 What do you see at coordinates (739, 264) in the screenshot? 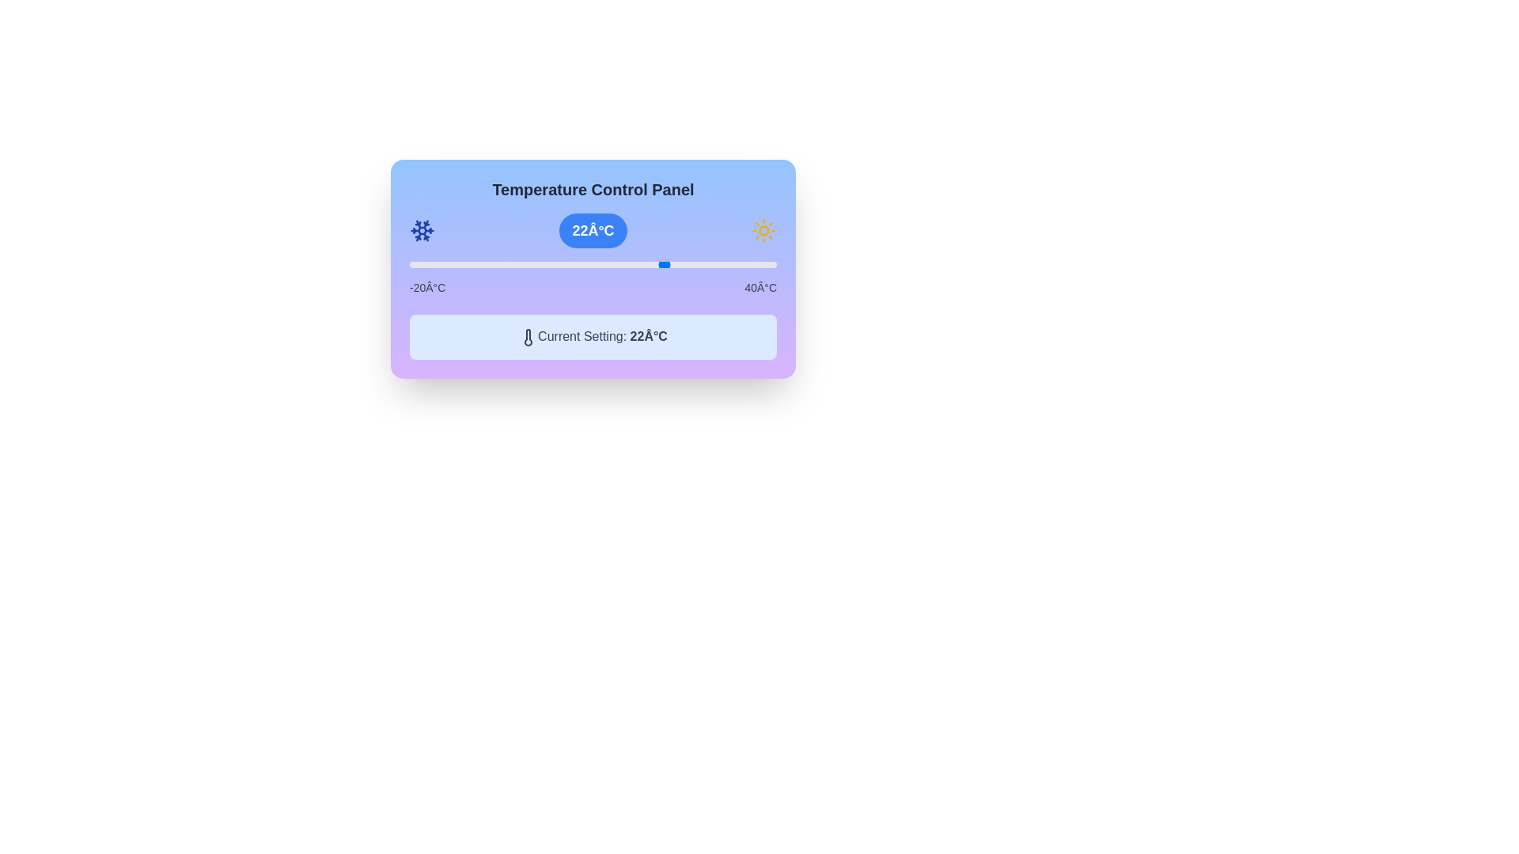
I see `the slider to set the temperature to 34°C` at bounding box center [739, 264].